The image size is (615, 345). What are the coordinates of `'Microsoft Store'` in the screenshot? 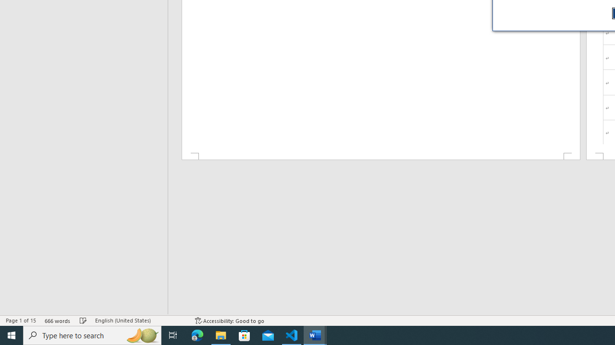 It's located at (245, 334).